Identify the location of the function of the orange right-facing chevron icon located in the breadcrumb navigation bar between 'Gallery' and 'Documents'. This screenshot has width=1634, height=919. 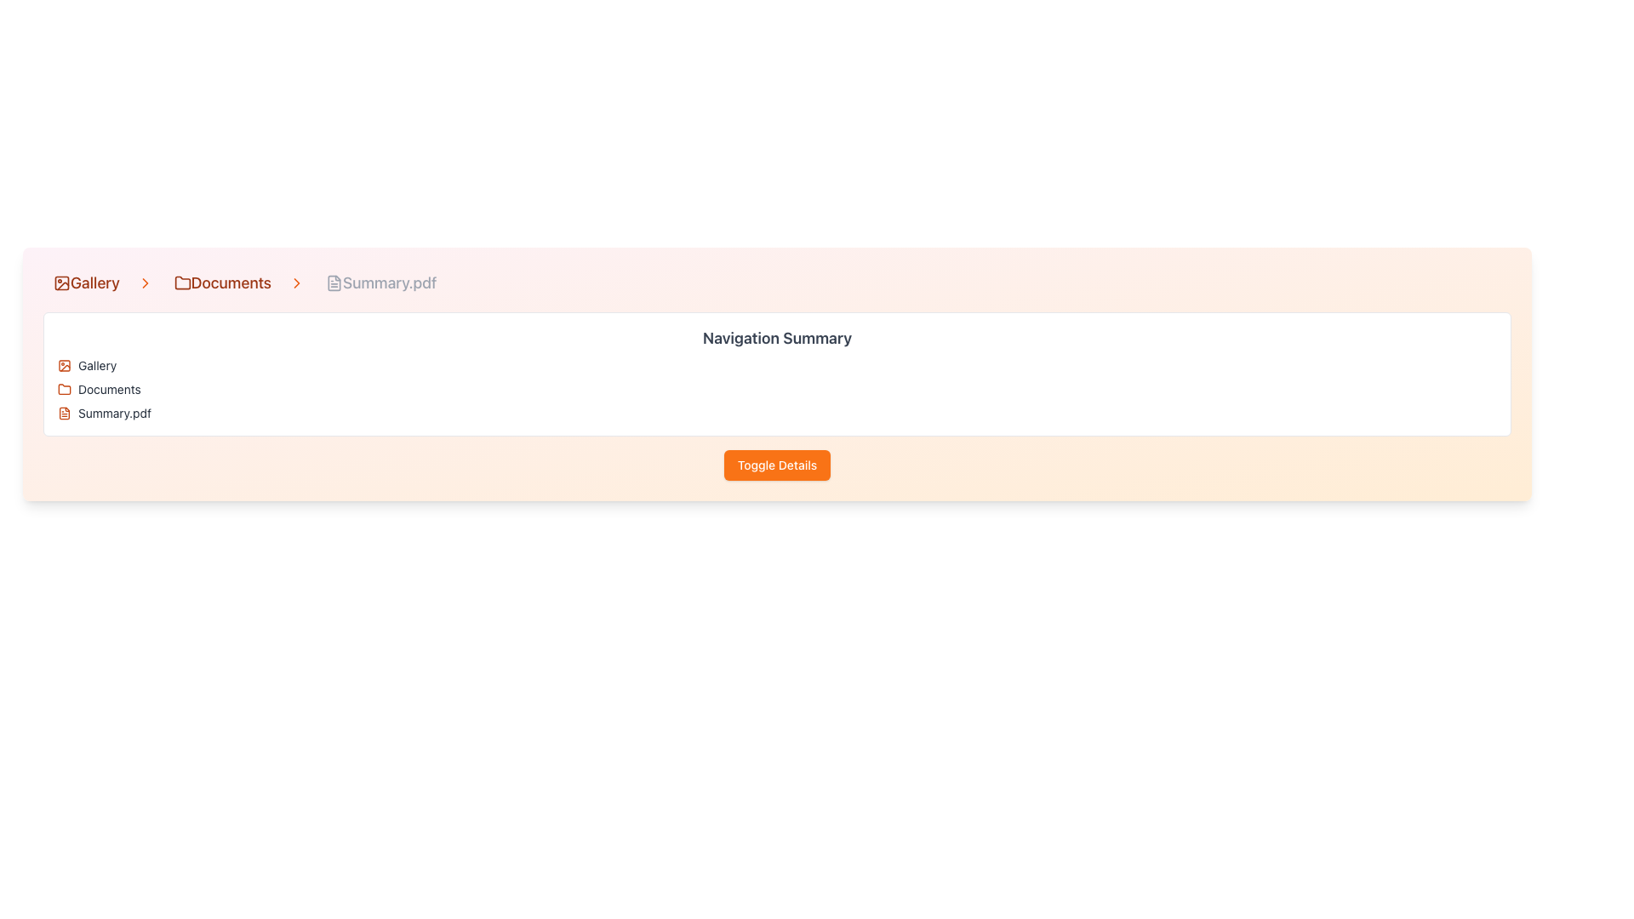
(145, 282).